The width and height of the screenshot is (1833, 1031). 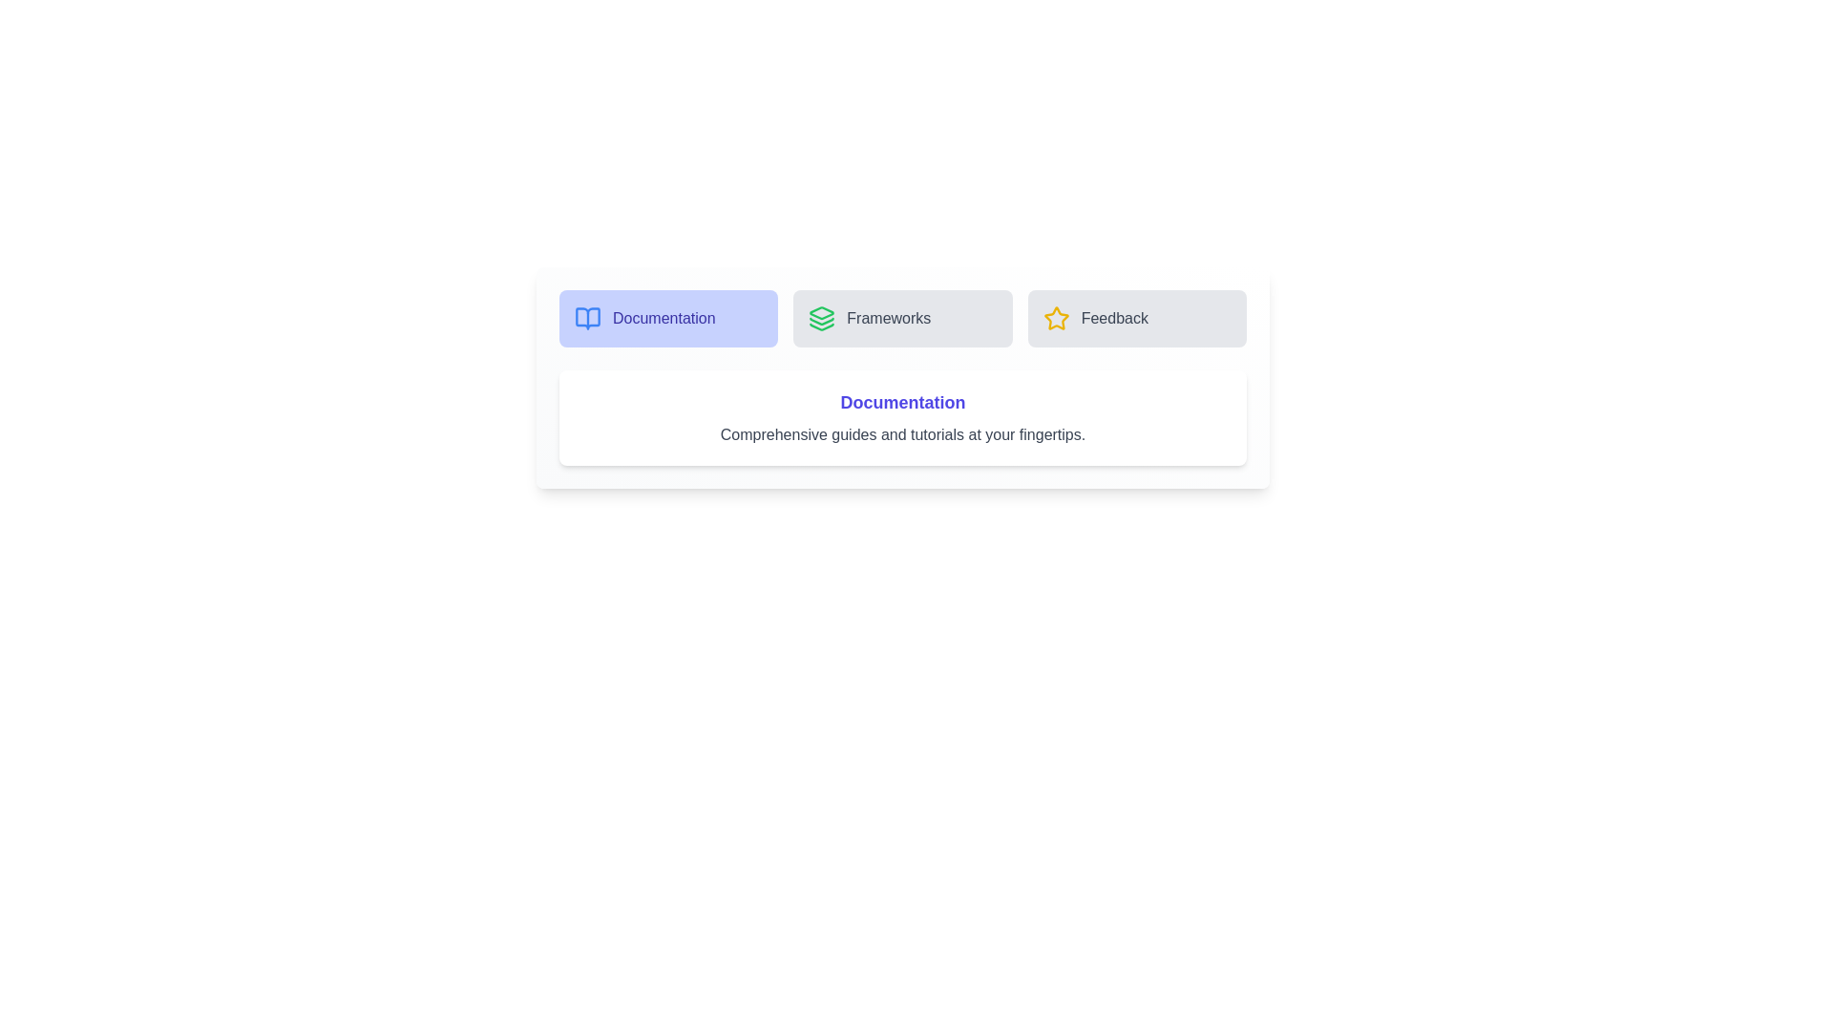 I want to click on the Documentation tab to view its description, so click(x=668, y=318).